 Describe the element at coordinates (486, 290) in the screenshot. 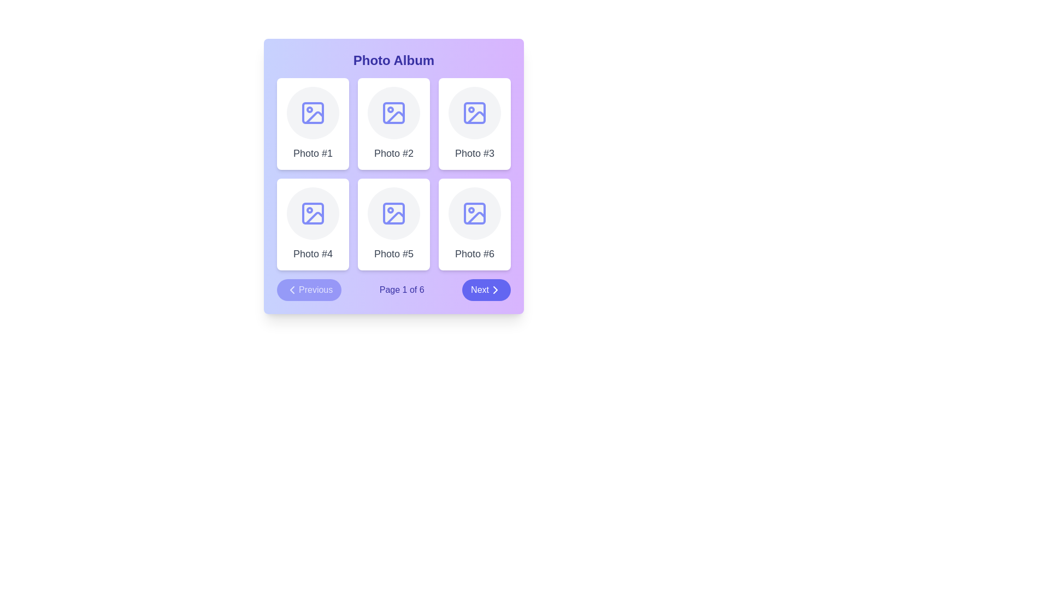

I see `the 'Next' button with an indigo background and white text` at that location.